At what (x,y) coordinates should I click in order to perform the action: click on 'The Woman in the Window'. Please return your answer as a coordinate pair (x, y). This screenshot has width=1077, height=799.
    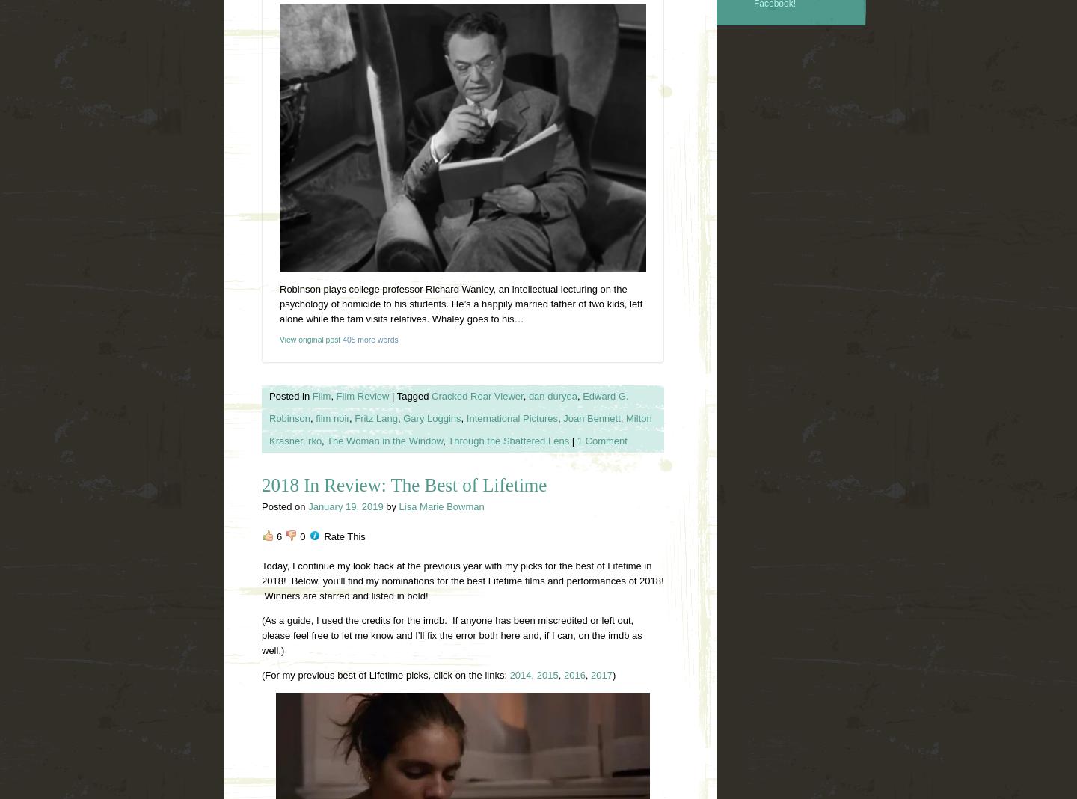
    Looking at the image, I should click on (384, 439).